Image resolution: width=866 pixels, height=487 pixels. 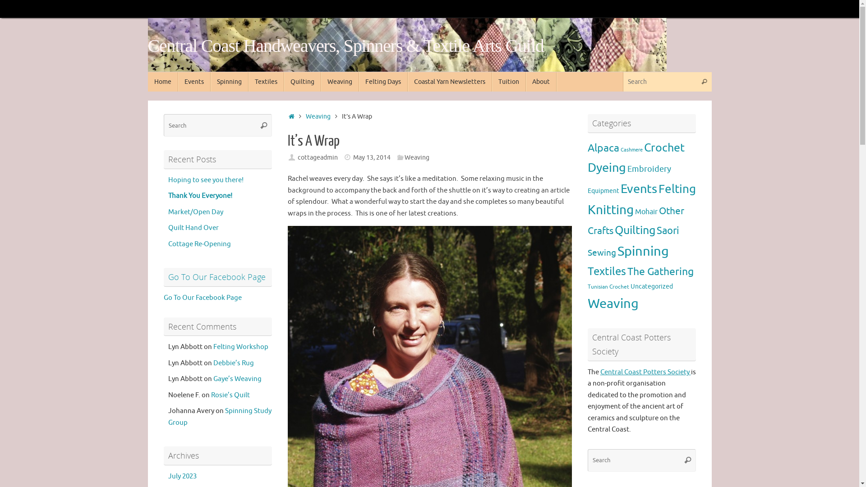 What do you see at coordinates (205, 180) in the screenshot?
I see `'Hoping to see you there!'` at bounding box center [205, 180].